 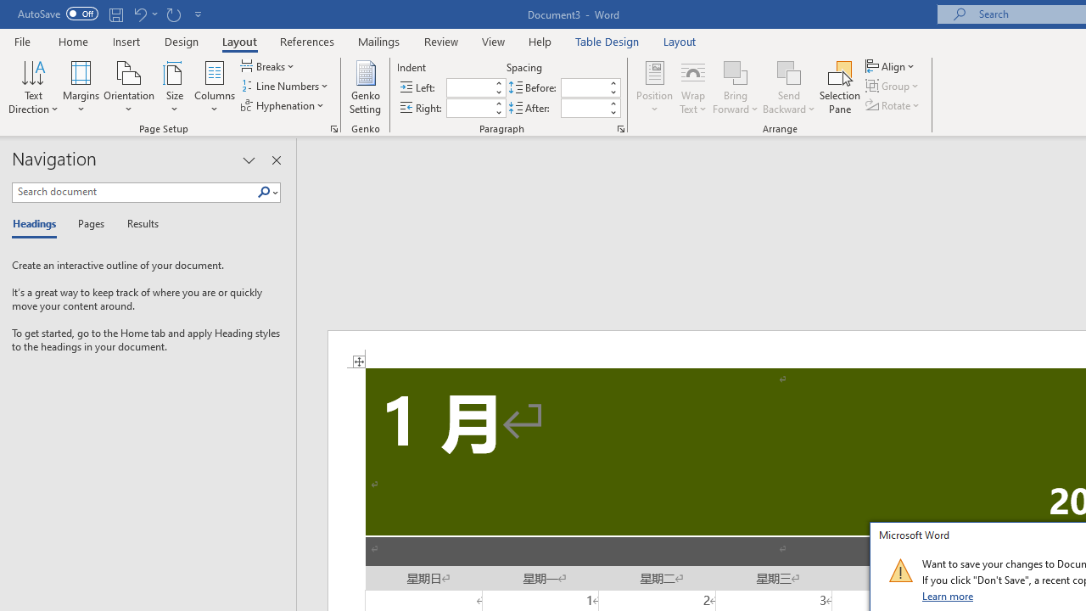 I want to click on 'Line Numbers', so click(x=286, y=86).